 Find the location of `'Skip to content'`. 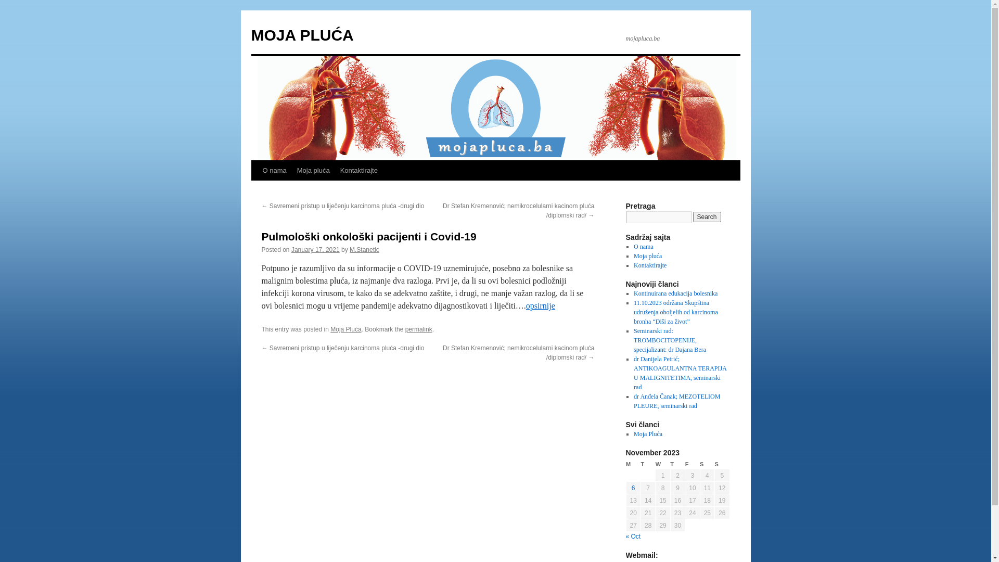

'Skip to content' is located at coordinates (255, 190).